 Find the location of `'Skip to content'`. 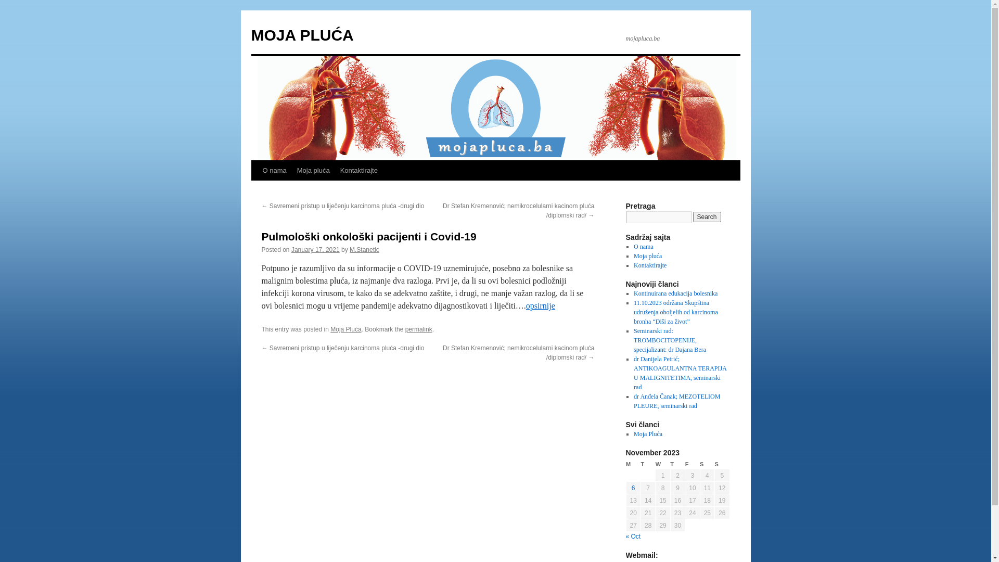

'Skip to content' is located at coordinates (255, 190).